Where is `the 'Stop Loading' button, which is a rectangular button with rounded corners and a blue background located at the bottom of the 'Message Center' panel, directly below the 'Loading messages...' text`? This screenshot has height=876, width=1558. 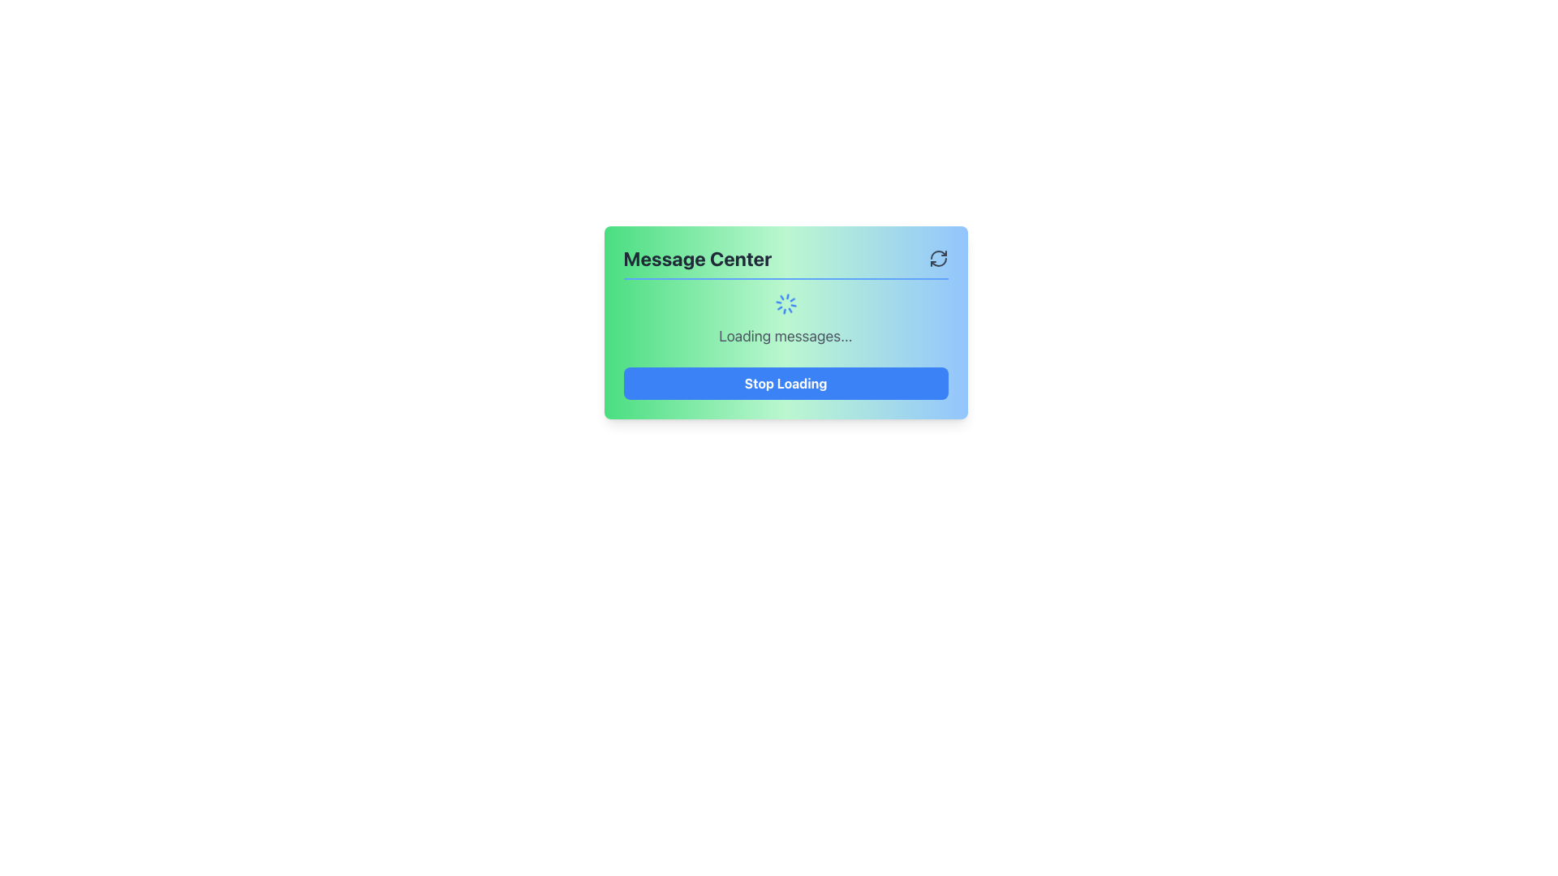 the 'Stop Loading' button, which is a rectangular button with rounded corners and a blue background located at the bottom of the 'Message Center' panel, directly below the 'Loading messages...' text is located at coordinates (785, 384).